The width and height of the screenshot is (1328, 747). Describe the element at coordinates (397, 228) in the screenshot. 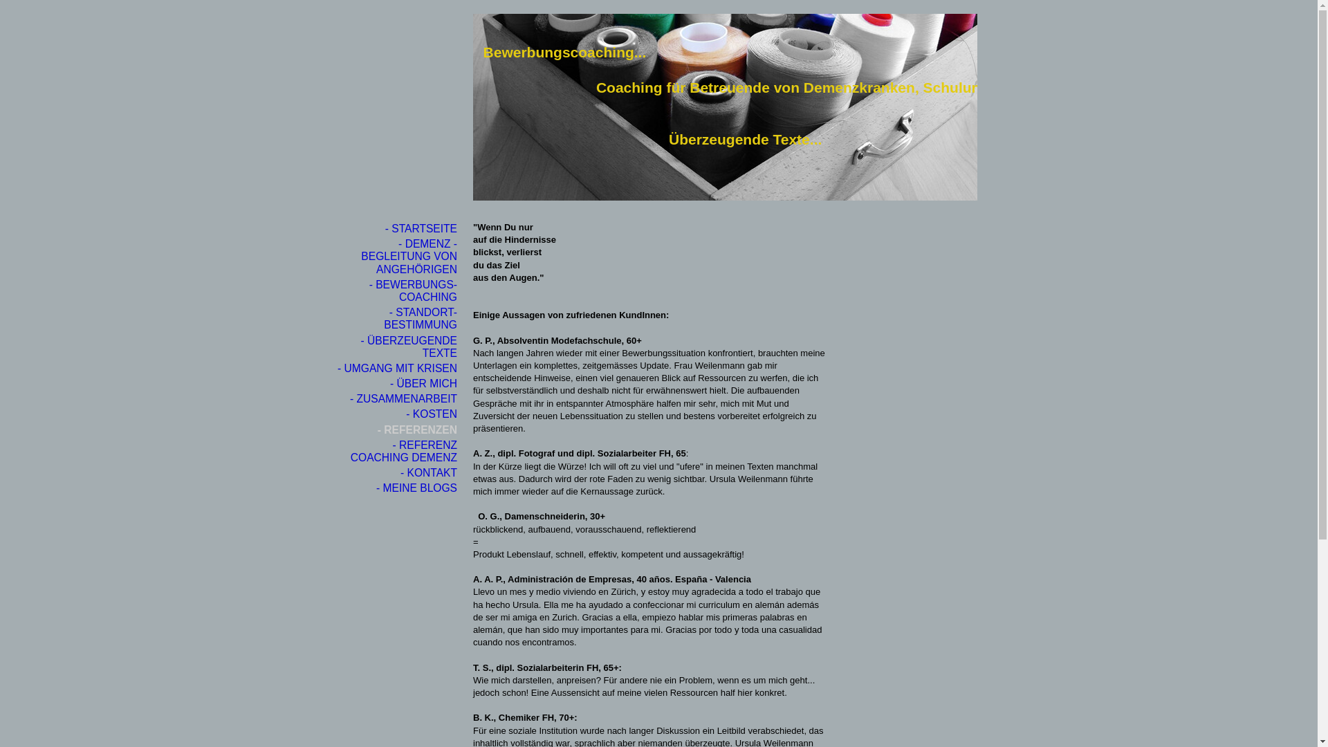

I see `'- STARTSEITE'` at that location.